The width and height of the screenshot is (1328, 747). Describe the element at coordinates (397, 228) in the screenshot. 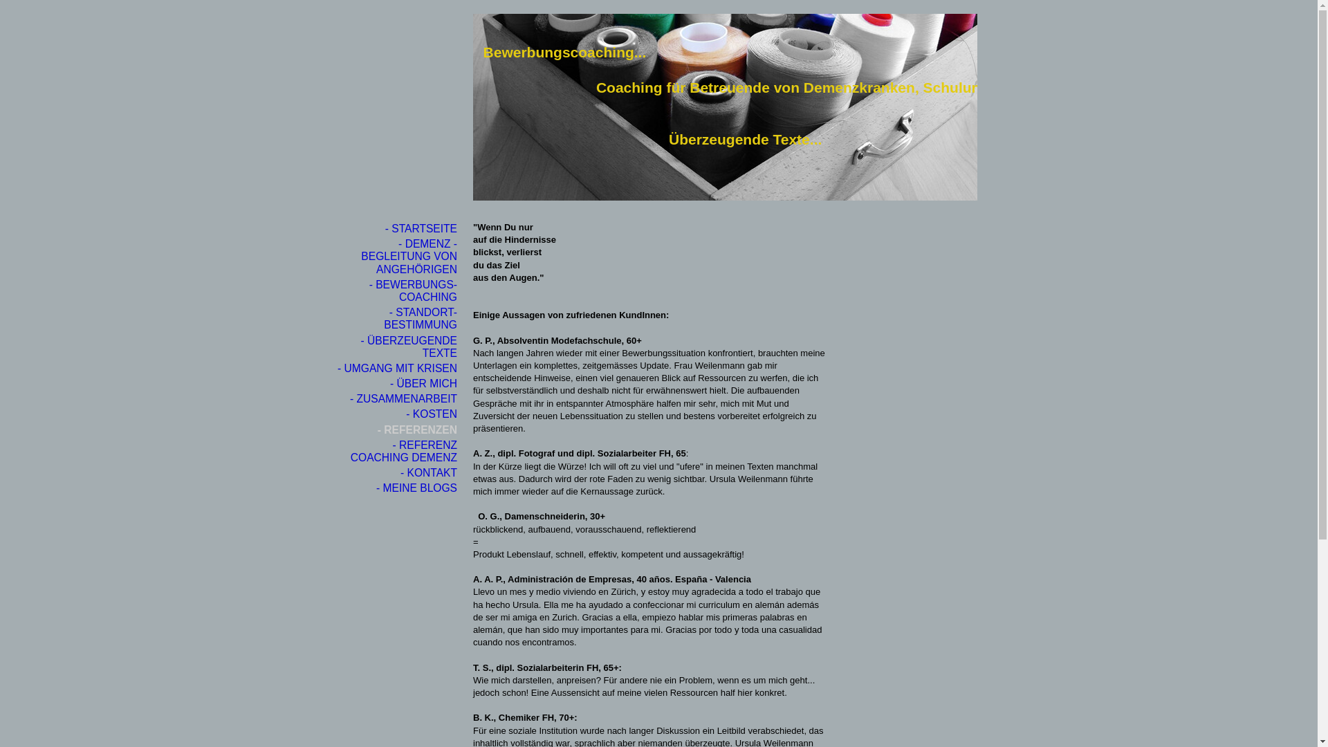

I see `'- STARTSEITE'` at that location.